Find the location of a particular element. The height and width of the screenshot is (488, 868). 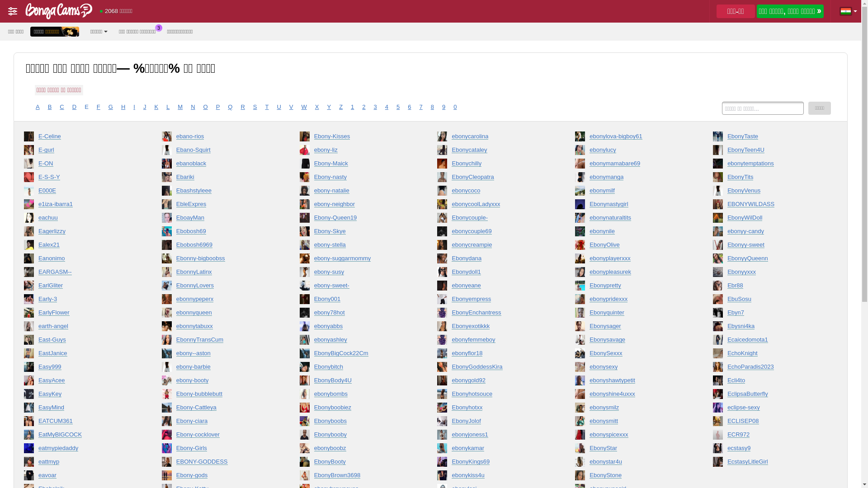

'Ebobosh69' is located at coordinates (217, 233).